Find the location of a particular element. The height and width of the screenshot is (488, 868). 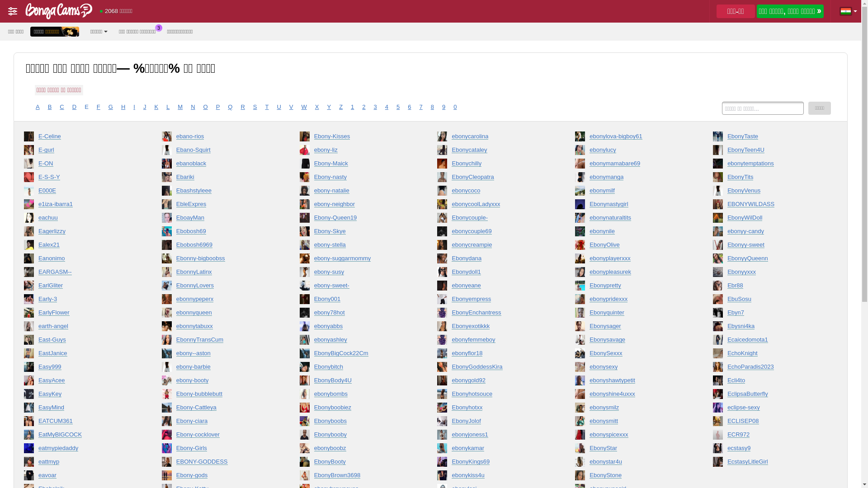

'Ebobosh69' is located at coordinates (217, 233).